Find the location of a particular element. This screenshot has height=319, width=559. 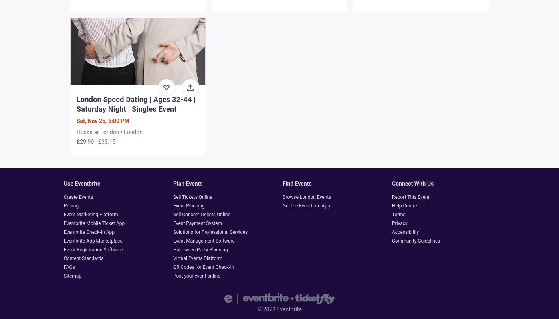

'Eventbrite Check-In App' is located at coordinates (89, 231).